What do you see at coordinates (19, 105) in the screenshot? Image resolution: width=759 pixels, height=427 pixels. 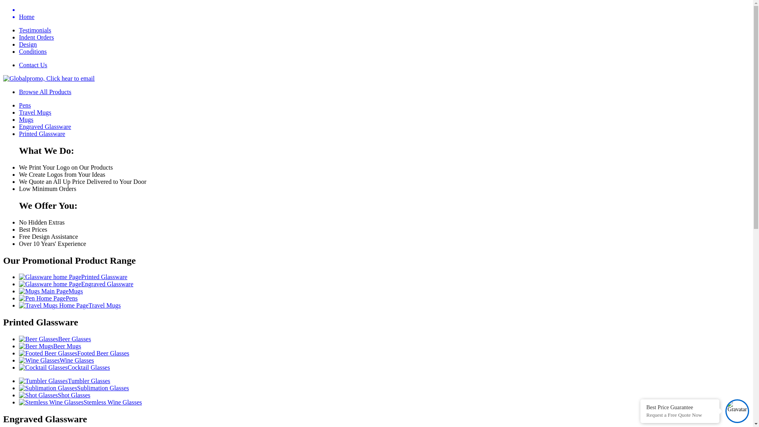 I see `'Pens'` at bounding box center [19, 105].